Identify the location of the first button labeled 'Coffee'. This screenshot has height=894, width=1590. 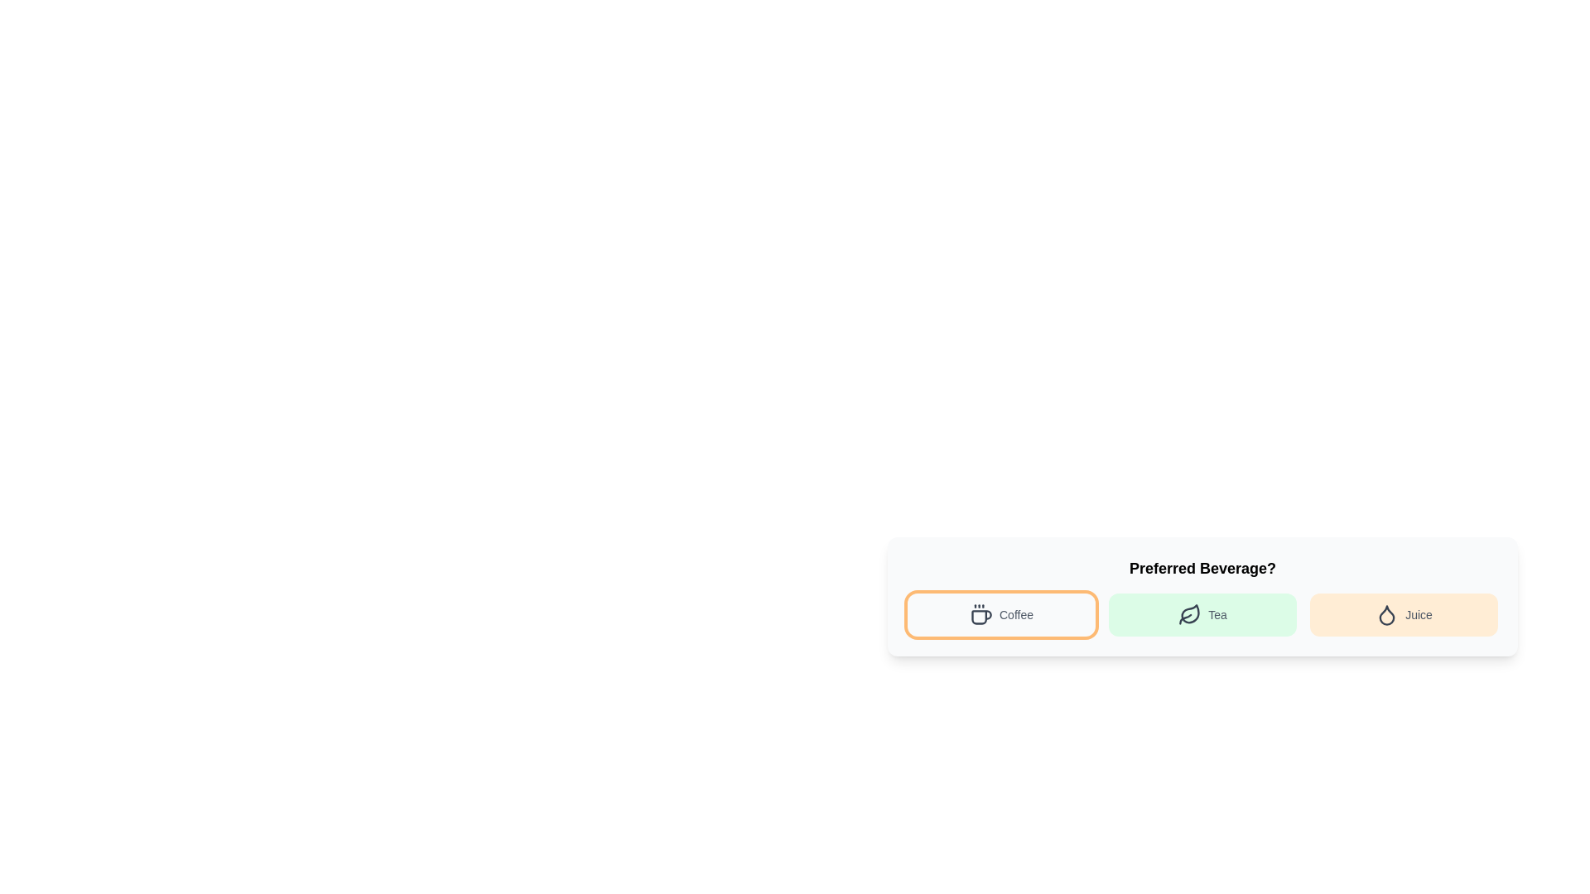
(1000, 615).